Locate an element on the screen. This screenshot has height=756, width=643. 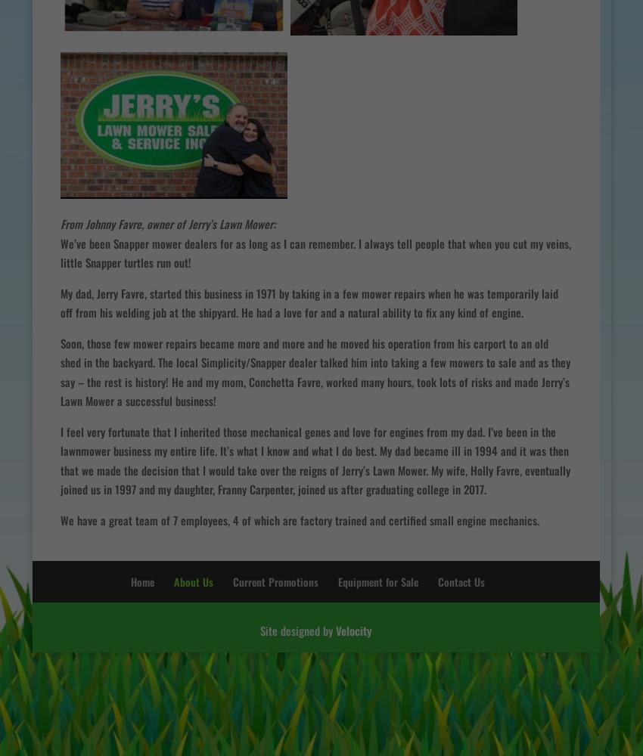
'Soon, those few mower repairs became more and more and he moved his operation from his carport to an old shed in the backyard. The local Simplicity/Snapper dealer talked him into taking a few mowers to sale and as they say – the rest is history! He and my mom, Conchetta Favre, worked many hours, took lots of risks and made Jerry’s Lawn Mower a successful business!' is located at coordinates (315, 370).